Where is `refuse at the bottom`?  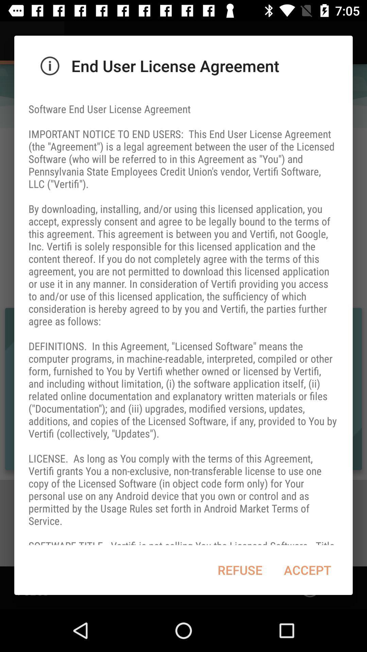
refuse at the bottom is located at coordinates (240, 570).